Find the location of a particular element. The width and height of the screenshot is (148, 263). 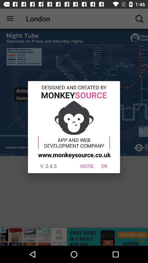

the icon below www monkeysource co icon is located at coordinates (104, 165).